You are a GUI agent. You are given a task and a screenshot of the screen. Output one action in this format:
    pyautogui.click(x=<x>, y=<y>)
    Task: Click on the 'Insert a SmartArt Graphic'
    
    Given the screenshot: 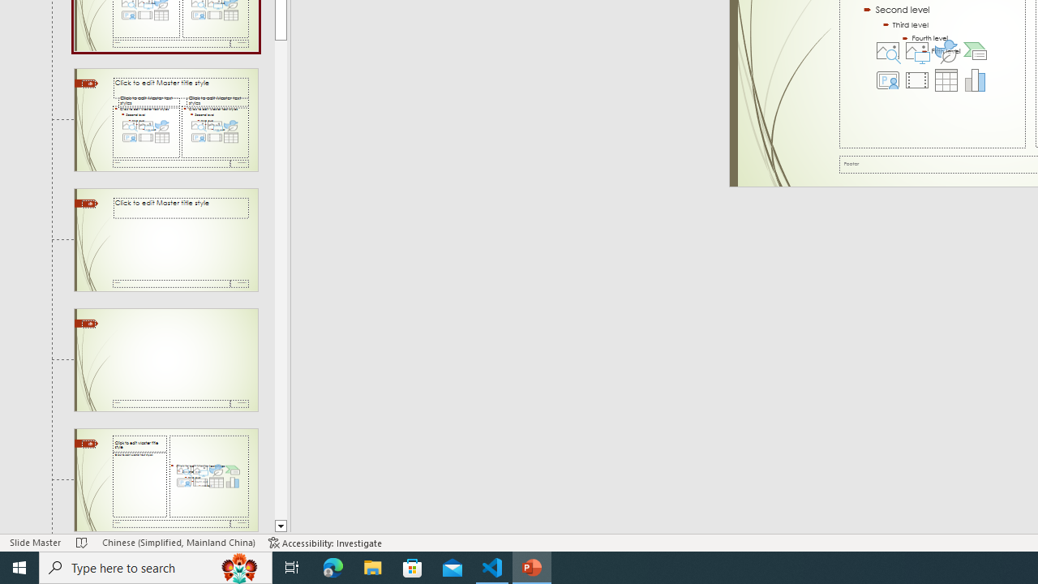 What is the action you would take?
    pyautogui.click(x=974, y=49)
    